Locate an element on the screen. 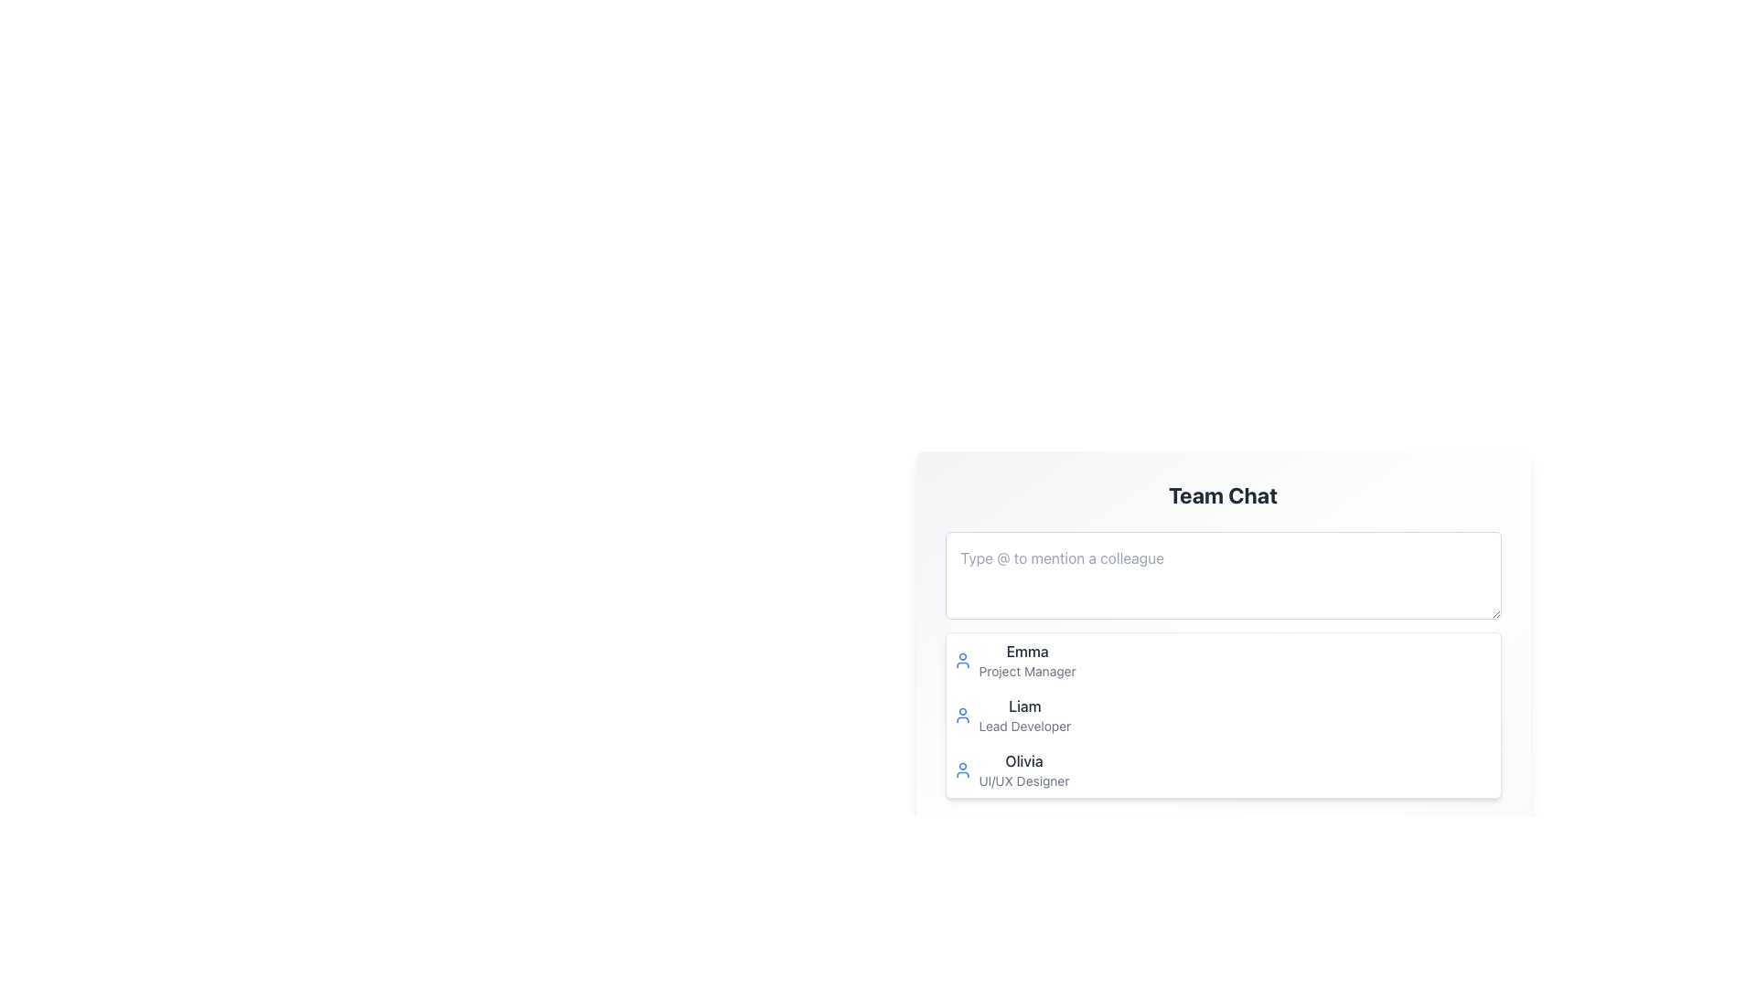 The image size is (1756, 987). the text block displaying 'Emma, Project Manager' is located at coordinates (1027, 660).